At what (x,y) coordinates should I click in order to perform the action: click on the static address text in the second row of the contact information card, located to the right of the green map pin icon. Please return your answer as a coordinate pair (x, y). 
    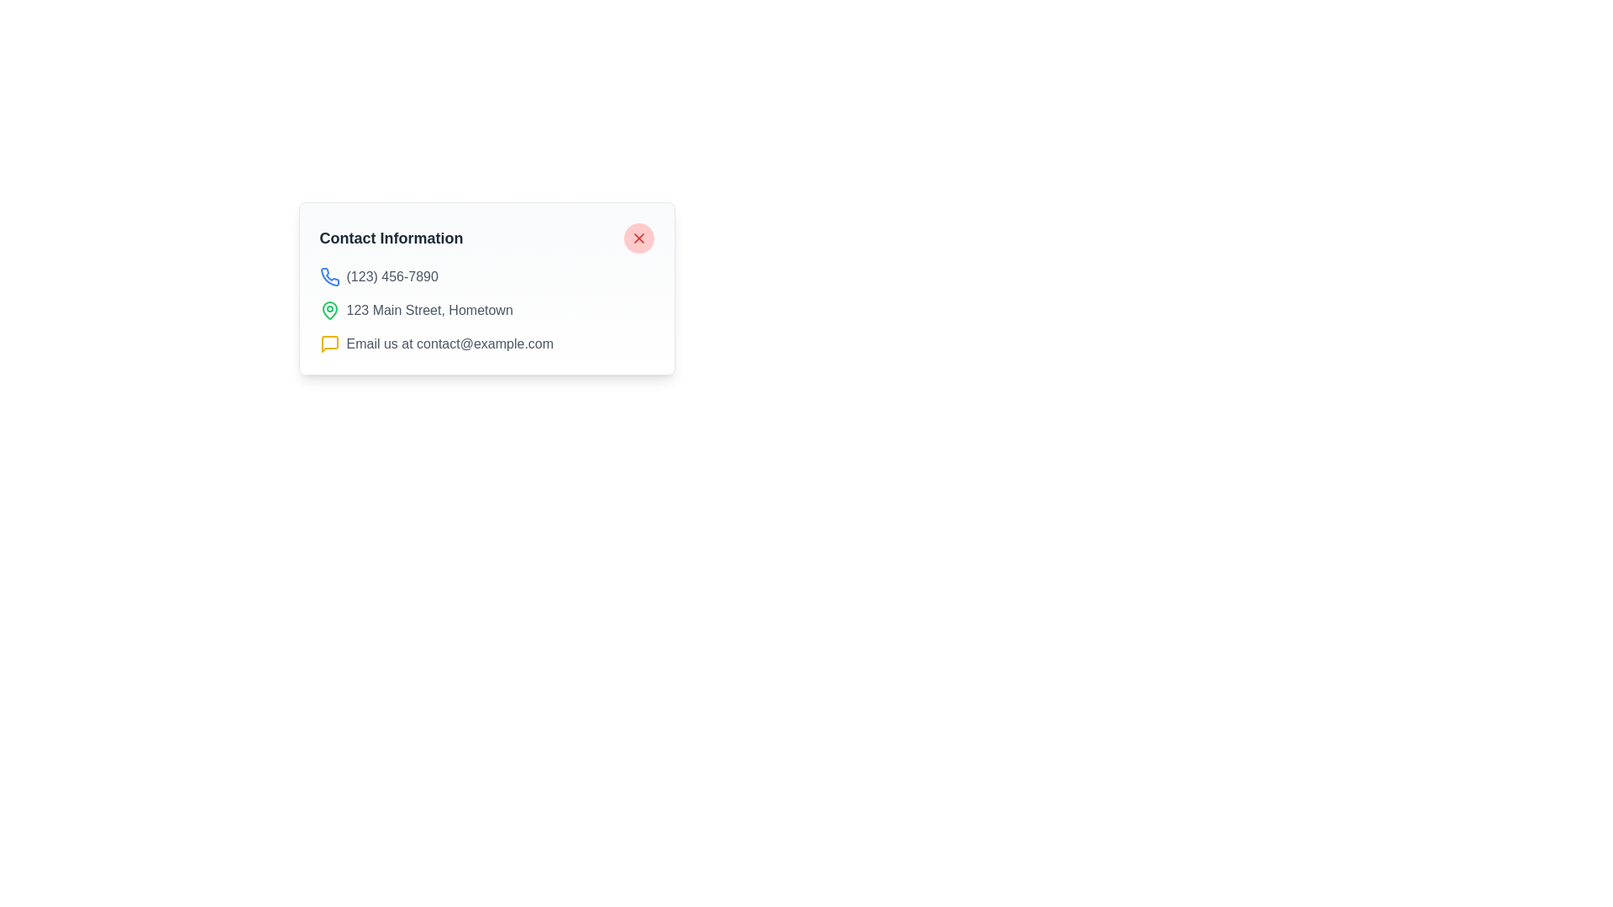
    Looking at the image, I should click on (429, 311).